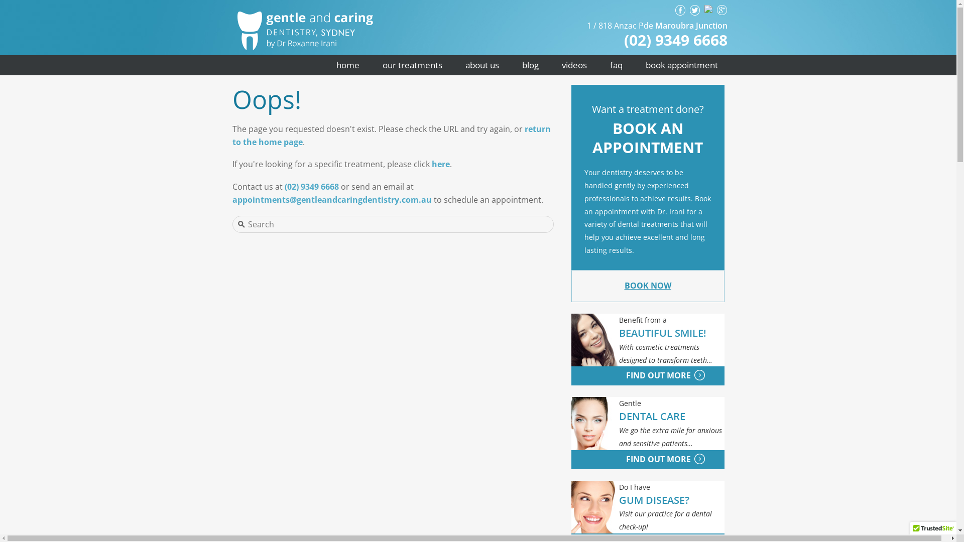 This screenshot has height=542, width=964. I want to click on 'about us', so click(482, 65).